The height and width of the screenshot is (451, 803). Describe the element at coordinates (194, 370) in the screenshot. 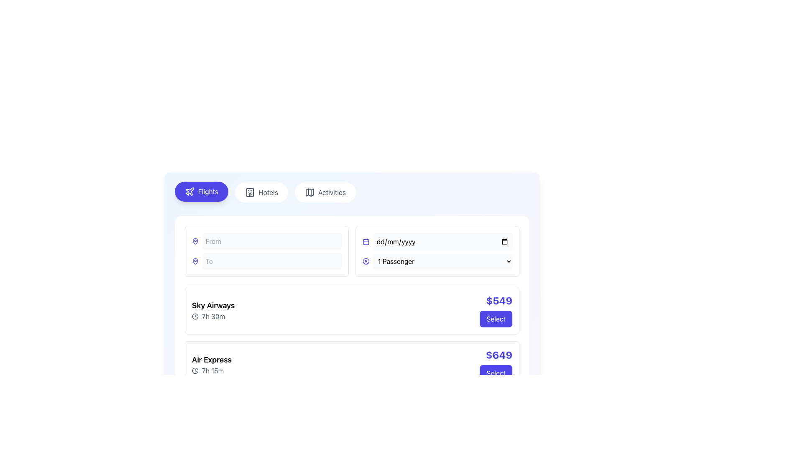

I see `the circular base of the clock icon located in the middle-left section of the page to note the time indication` at that location.